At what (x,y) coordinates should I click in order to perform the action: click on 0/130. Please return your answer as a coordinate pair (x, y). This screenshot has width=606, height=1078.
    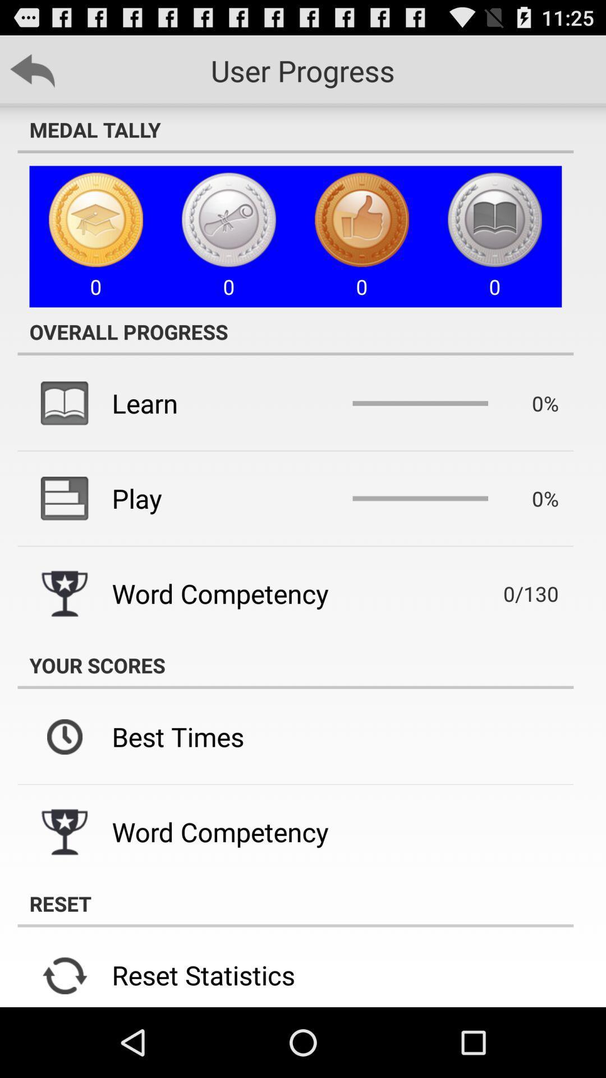
    Looking at the image, I should click on (515, 593).